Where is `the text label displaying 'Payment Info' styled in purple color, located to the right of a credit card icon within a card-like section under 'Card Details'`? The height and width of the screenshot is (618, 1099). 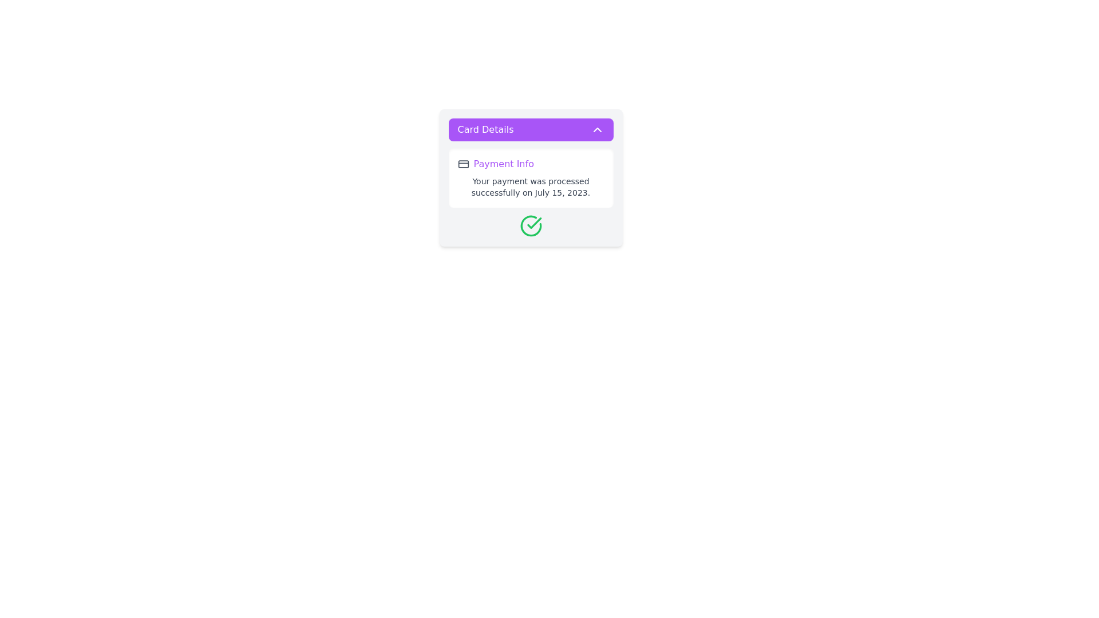 the text label displaying 'Payment Info' styled in purple color, located to the right of a credit card icon within a card-like section under 'Card Details' is located at coordinates (504, 164).